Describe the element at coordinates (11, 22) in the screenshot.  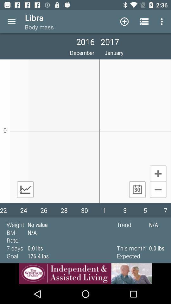
I see `menu option` at that location.